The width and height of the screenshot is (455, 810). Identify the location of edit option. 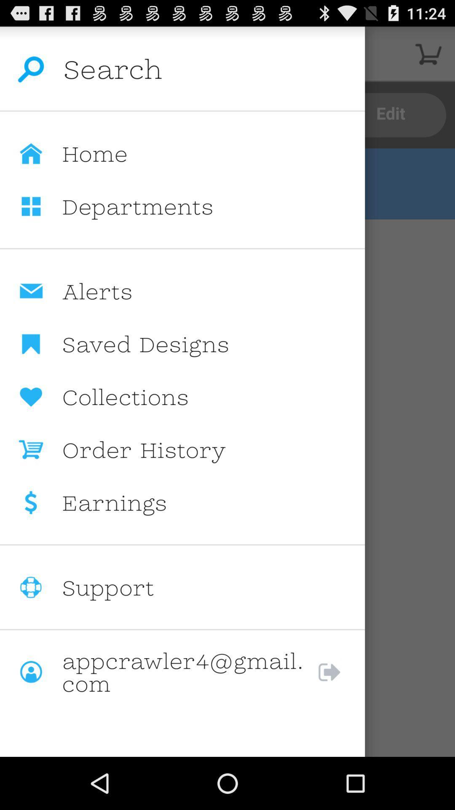
(391, 115).